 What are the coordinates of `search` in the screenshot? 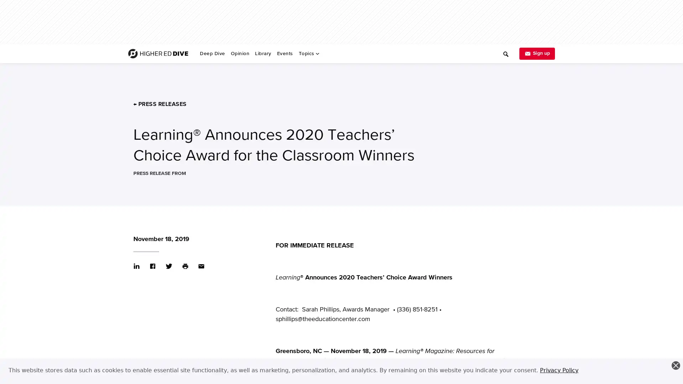 It's located at (396, 51).